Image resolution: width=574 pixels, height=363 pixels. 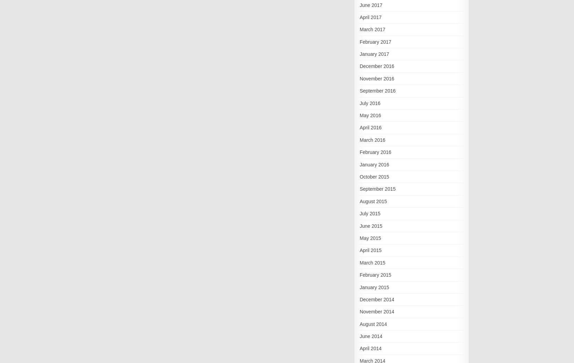 What do you see at coordinates (359, 250) in the screenshot?
I see `'April 2015'` at bounding box center [359, 250].